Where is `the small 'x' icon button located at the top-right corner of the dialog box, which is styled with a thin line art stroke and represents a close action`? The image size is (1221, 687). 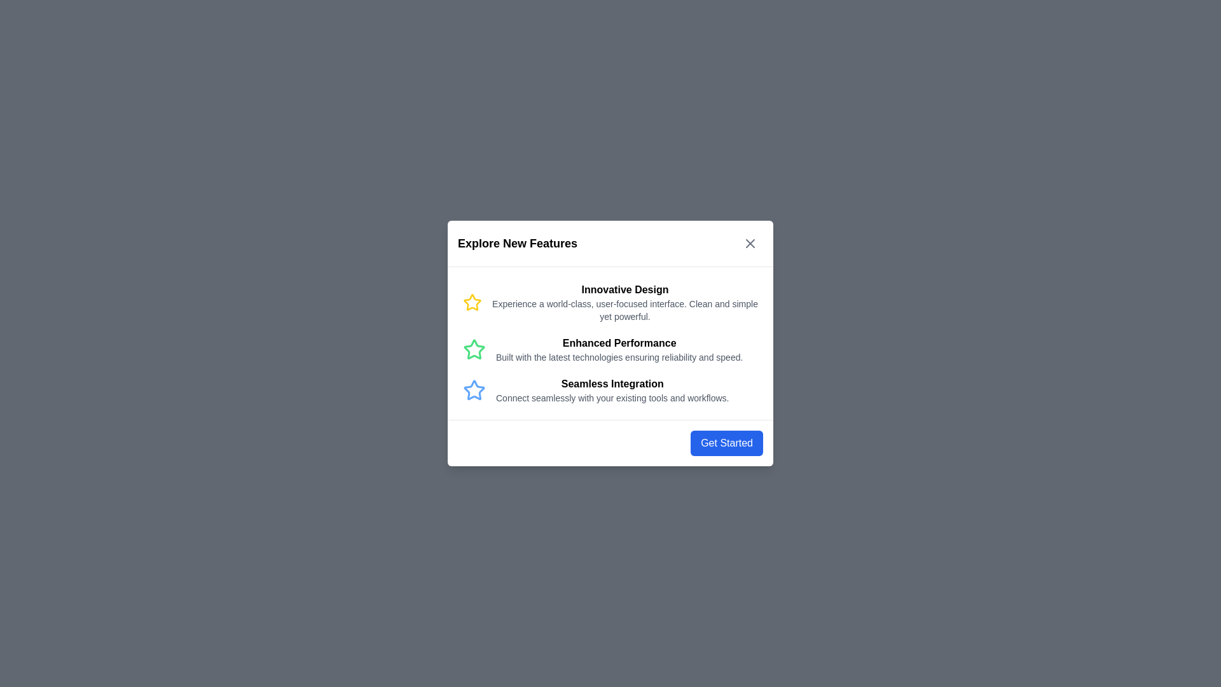 the small 'x' icon button located at the top-right corner of the dialog box, which is styled with a thin line art stroke and represents a close action is located at coordinates (750, 243).